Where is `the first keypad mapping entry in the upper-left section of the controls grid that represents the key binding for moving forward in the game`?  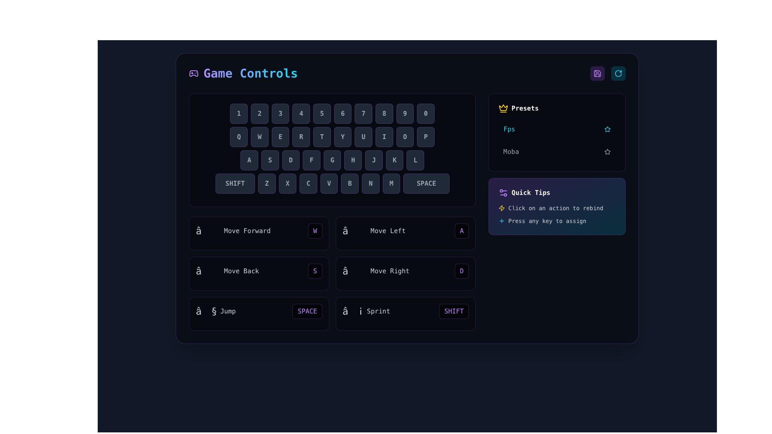
the first keypad mapping entry in the upper-left section of the controls grid that represents the key binding for moving forward in the game is located at coordinates (259, 233).